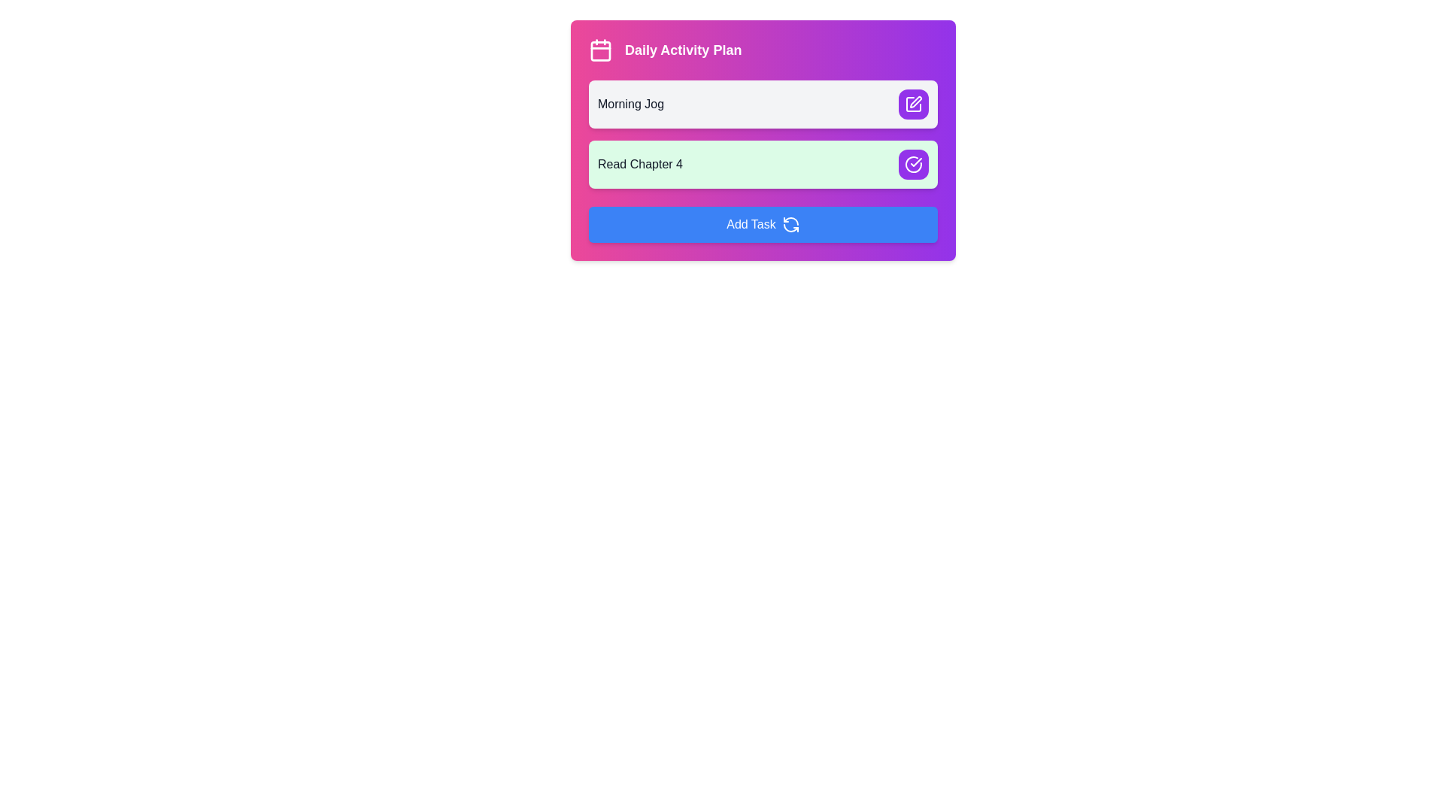  Describe the element at coordinates (912, 165) in the screenshot. I see `the purple button with a circular checkmark icon inside it, located in the lower card section labeled 'Read Chapter 4'` at that location.